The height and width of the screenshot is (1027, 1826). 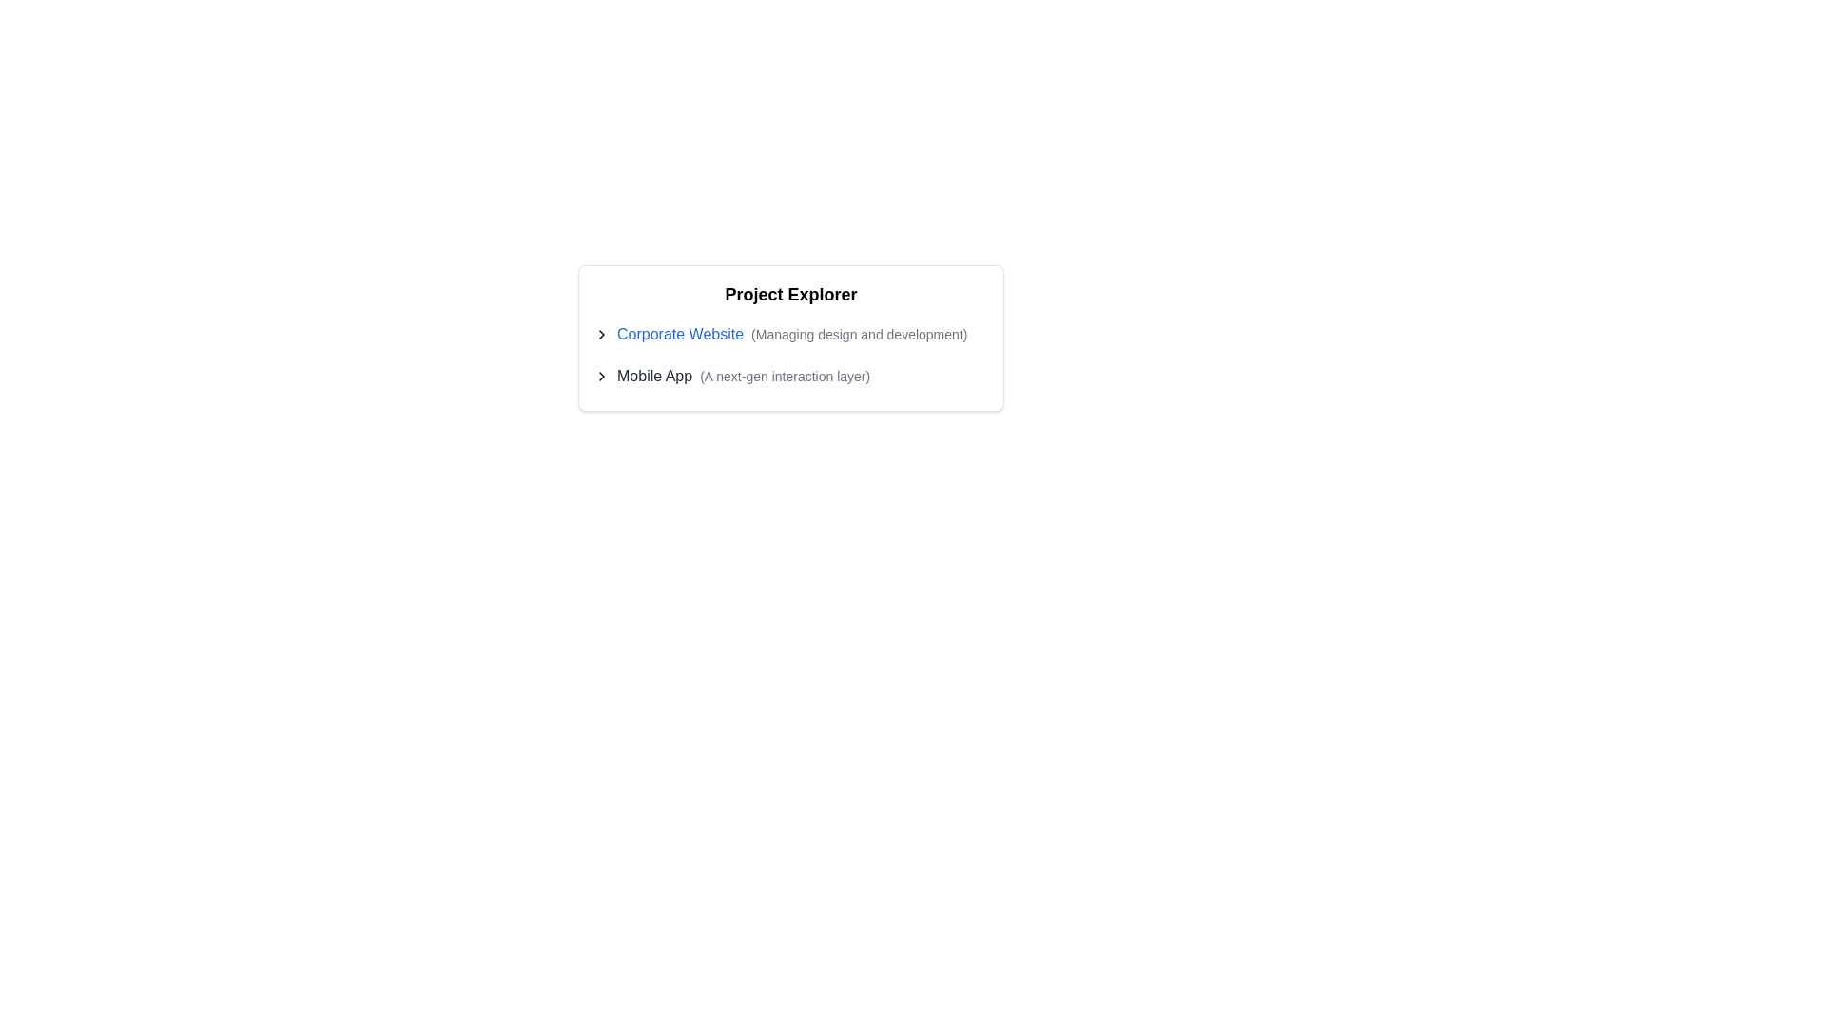 What do you see at coordinates (601, 333) in the screenshot?
I see `the chevron icon that indicates the ability to expand or collapse content, located in the row starting with 'Corporate Website.'` at bounding box center [601, 333].